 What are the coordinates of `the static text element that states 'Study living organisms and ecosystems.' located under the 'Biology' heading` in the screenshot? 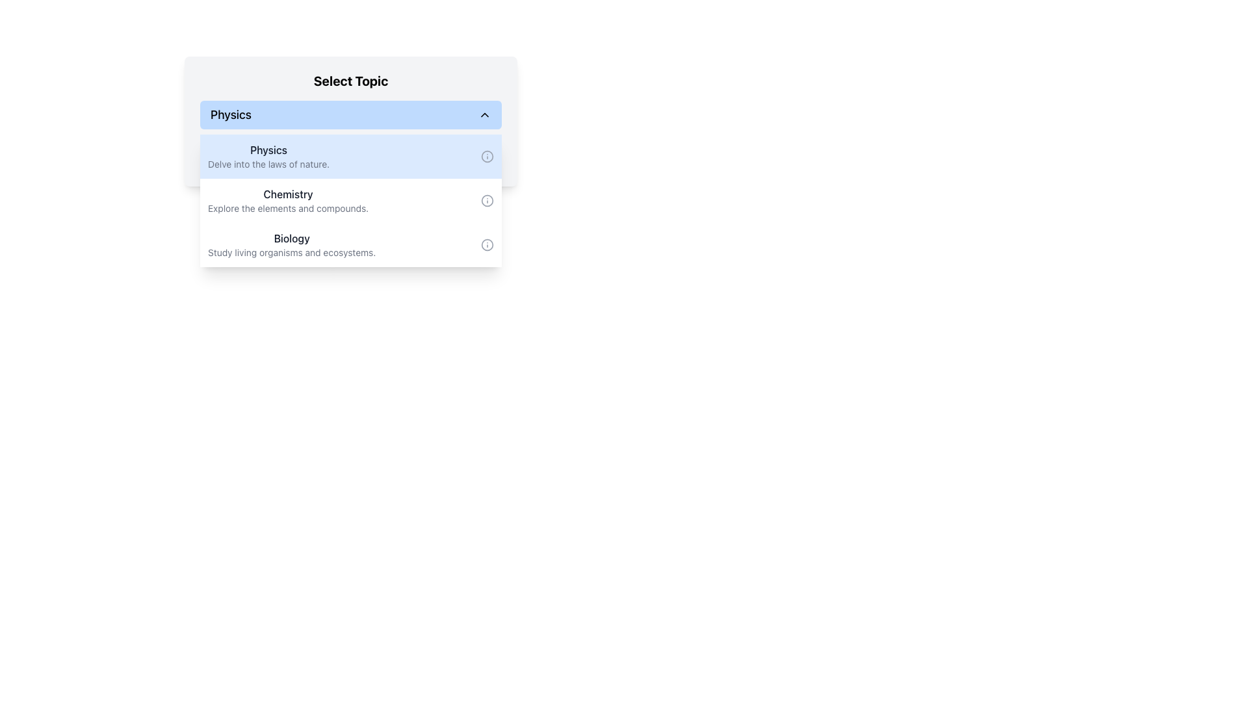 It's located at (291, 253).